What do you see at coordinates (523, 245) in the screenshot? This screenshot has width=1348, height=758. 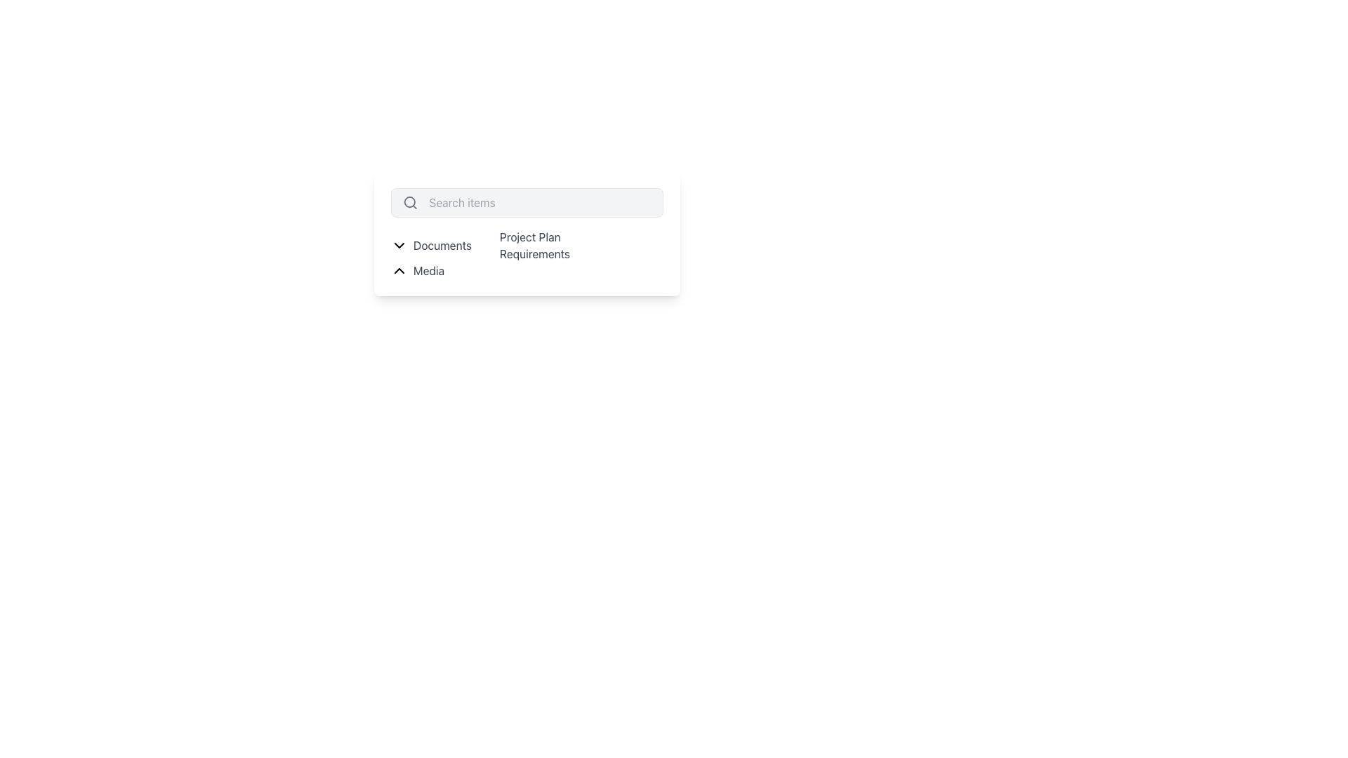 I see `the Text block element that displays 'Project Plan' and 'Requirements' in gray color, located in the middle of the navigation panel under the 'Documents' section` at bounding box center [523, 245].